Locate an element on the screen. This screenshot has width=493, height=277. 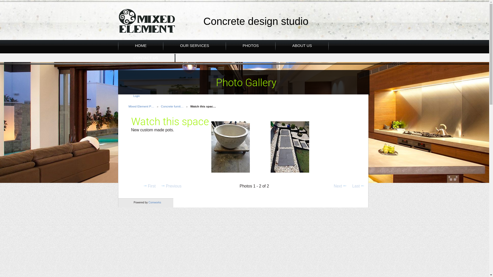
'Comworks' is located at coordinates (154, 202).